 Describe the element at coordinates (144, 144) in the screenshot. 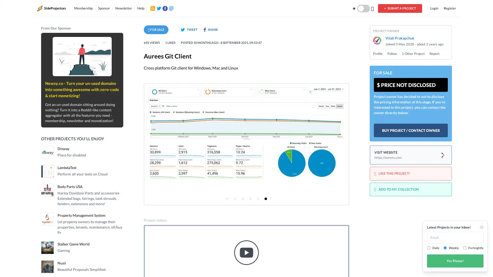

I see `Previous page` at that location.